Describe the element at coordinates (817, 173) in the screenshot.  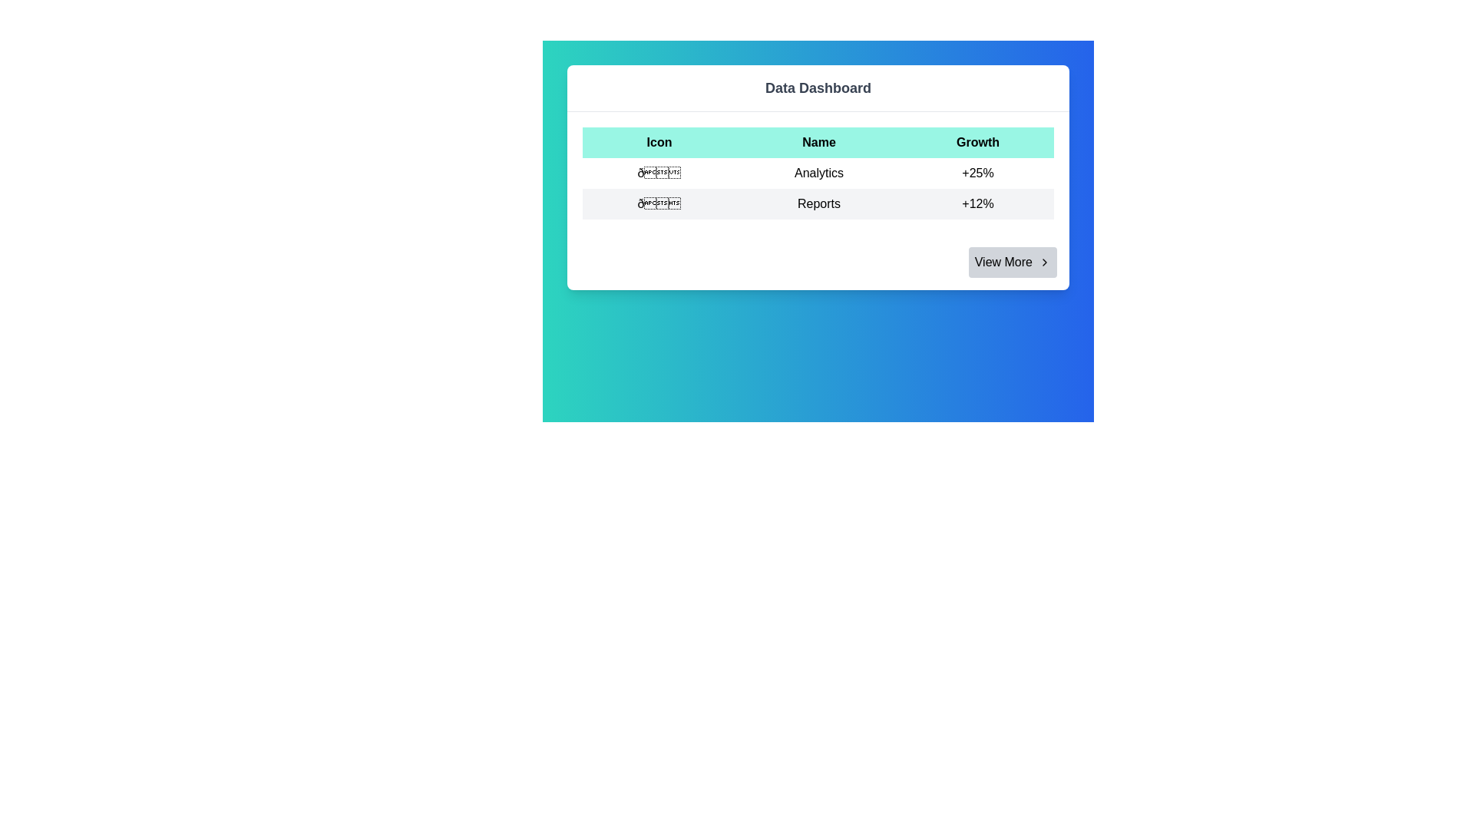
I see `the 'Analytics' table row in the Data Dashboard, which contains grouped text and an emoji icon representing growth percentage` at that location.